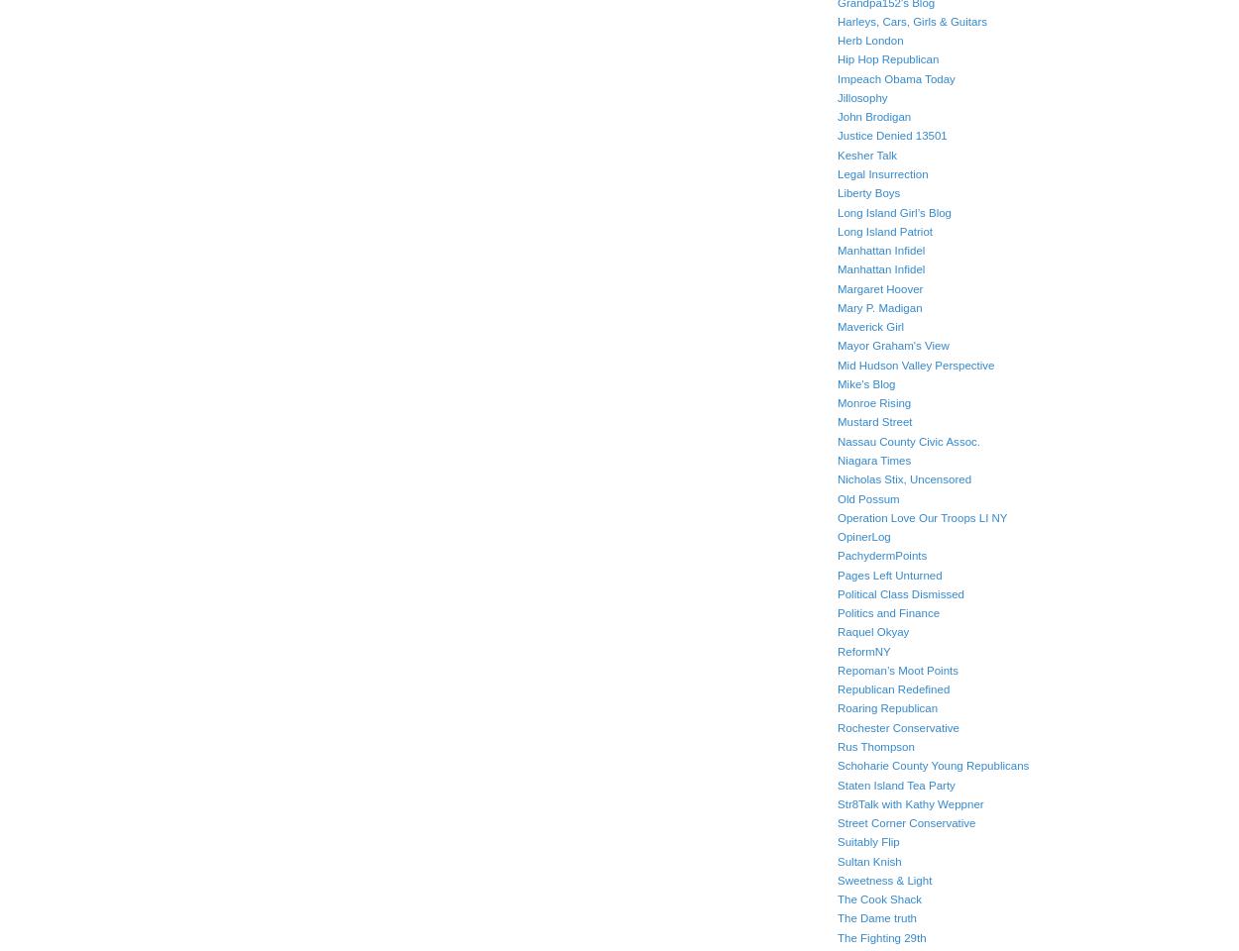 This screenshot has width=1239, height=951. I want to click on 'Repoman’s Moot Points', so click(898, 670).